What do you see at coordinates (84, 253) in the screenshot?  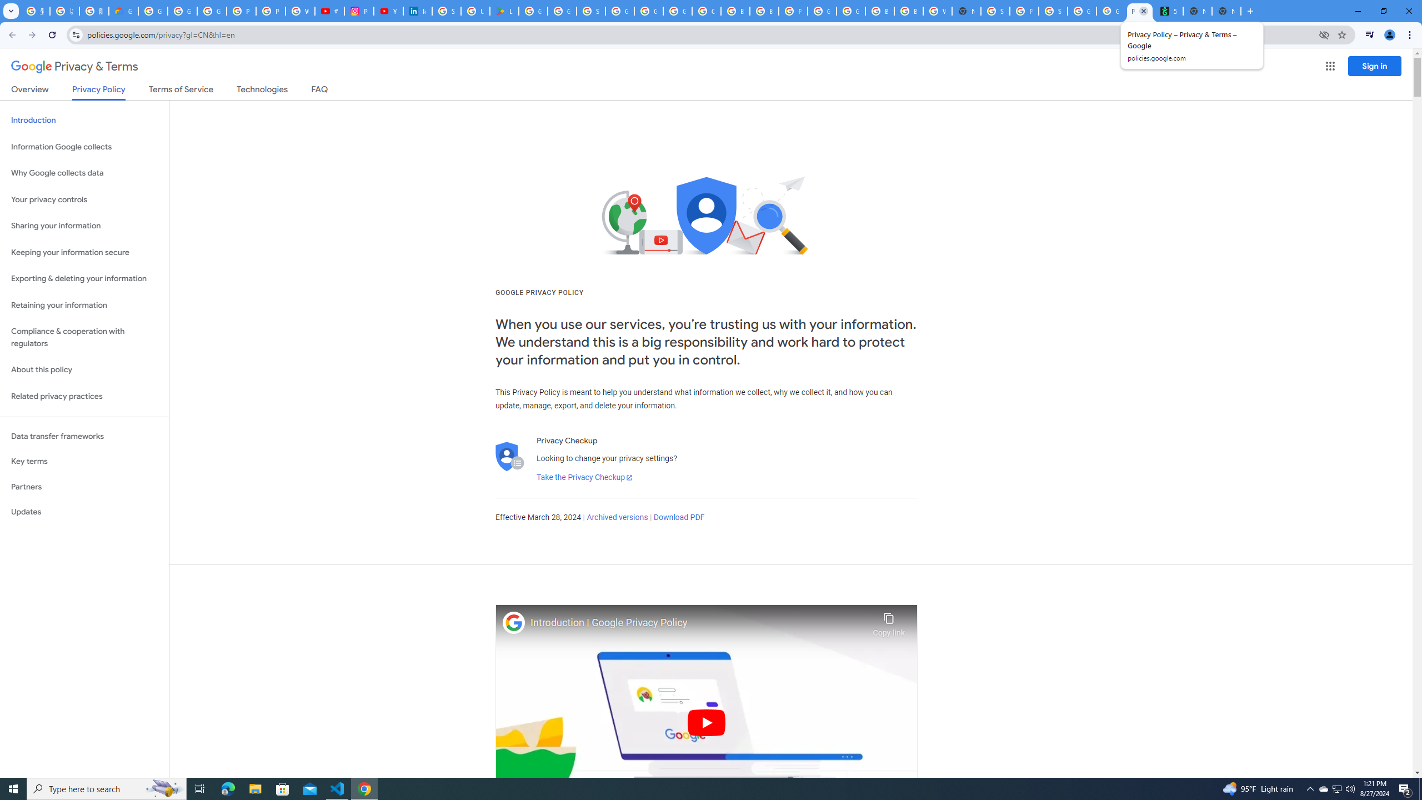 I see `'Keeping your information secure'` at bounding box center [84, 253].